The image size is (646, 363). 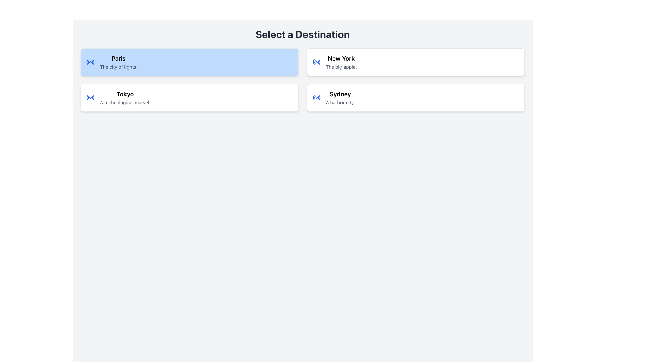 What do you see at coordinates (93, 97) in the screenshot?
I see `the rightward-curving arc icon, styled with a blue hue, located to the left of the text 'Tokyo' in the second selectable card` at bounding box center [93, 97].